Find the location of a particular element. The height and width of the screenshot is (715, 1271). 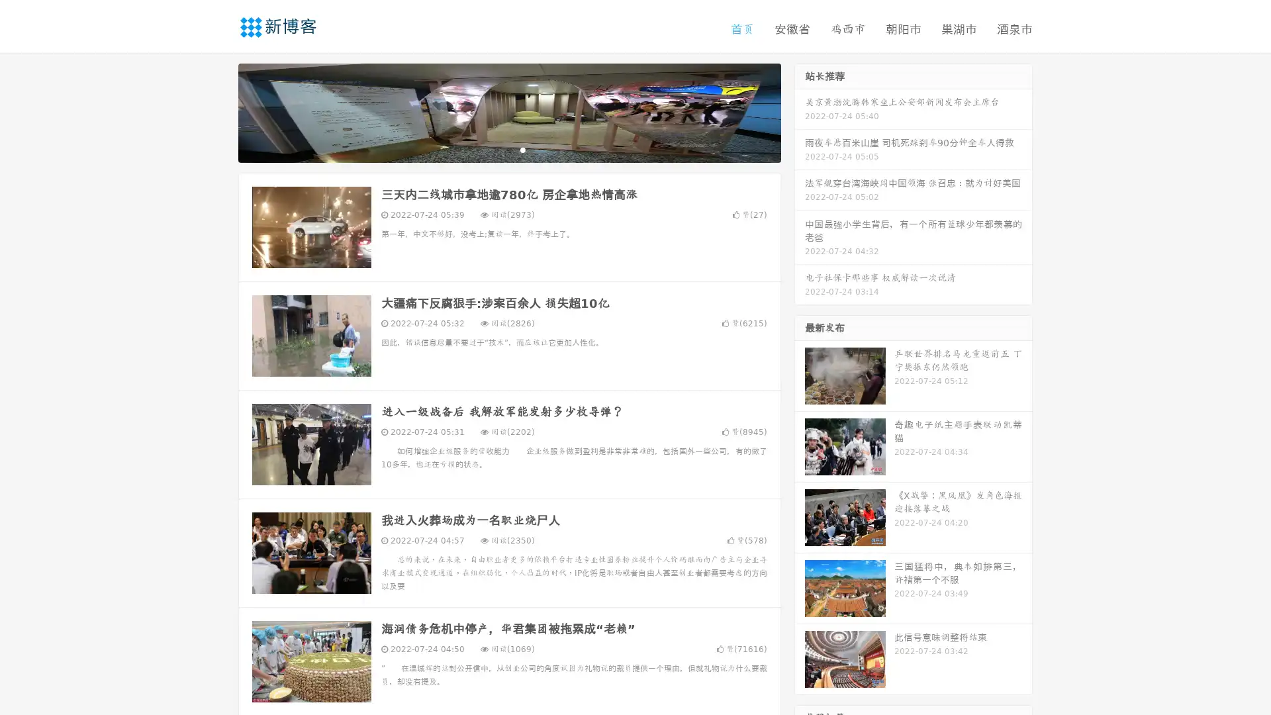

Go to slide 3 is located at coordinates (522, 149).